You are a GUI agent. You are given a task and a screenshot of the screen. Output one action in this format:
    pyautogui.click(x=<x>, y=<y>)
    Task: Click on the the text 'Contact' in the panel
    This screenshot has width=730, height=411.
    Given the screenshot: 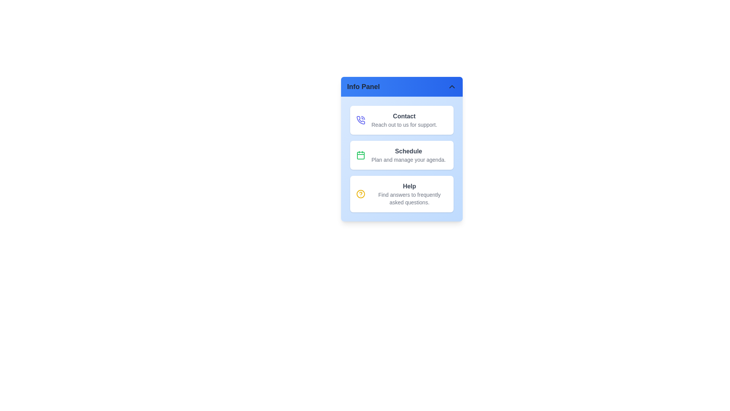 What is the action you would take?
    pyautogui.click(x=403, y=116)
    